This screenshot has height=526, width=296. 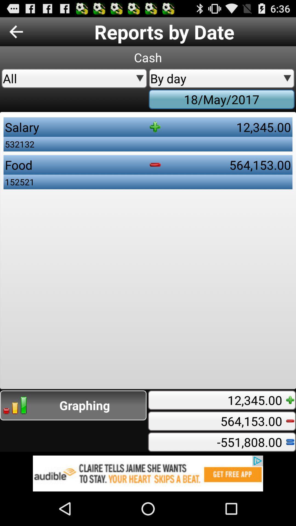 What do you see at coordinates (148, 473) in the screenshot?
I see `advatisment` at bounding box center [148, 473].